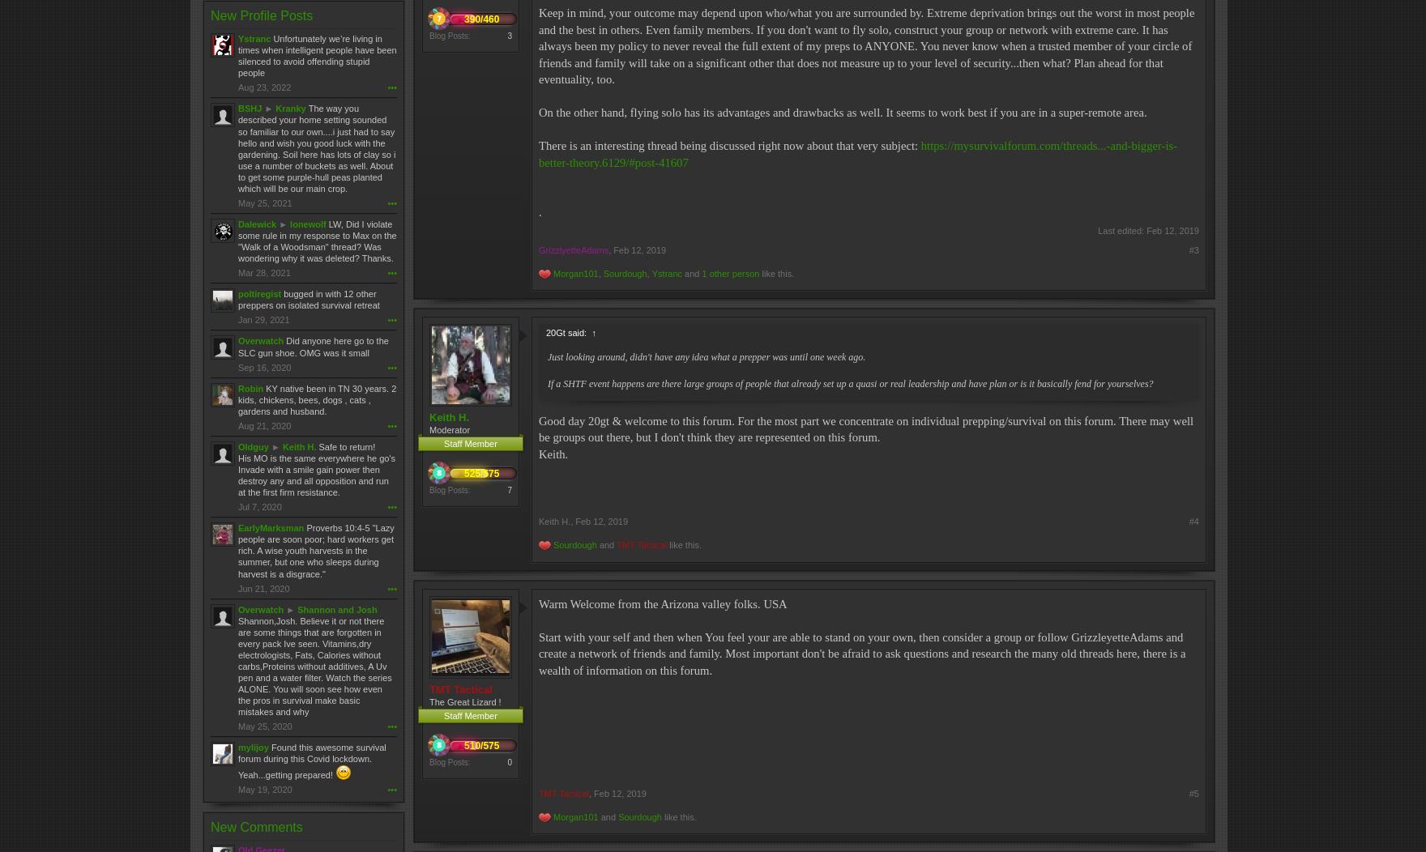 The width and height of the screenshot is (1426, 852). Describe the element at coordinates (537, 45) in the screenshot. I see `'Keep in mind, your outcome may depend upon who/what you are surrounded by. Extreme deprivation brings out the worst in most people and the best in others. Even family members. If you don't want to fly solo, construct your group or network with extreme care. It has always been my policy to never reveal the full extent of my preps to ANYONE.  You never know when a trusted member of your circle of  friends and family will take on a significant other that does not measure up to your level of security...then what? Plan ahead for that eventuality, too.'` at that location.